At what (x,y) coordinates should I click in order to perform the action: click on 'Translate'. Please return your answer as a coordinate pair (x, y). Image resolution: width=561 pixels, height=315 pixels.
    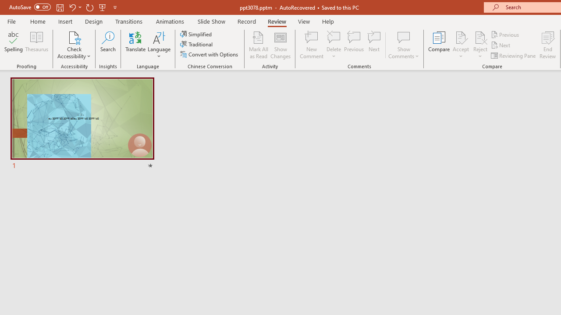
    Looking at the image, I should click on (135, 45).